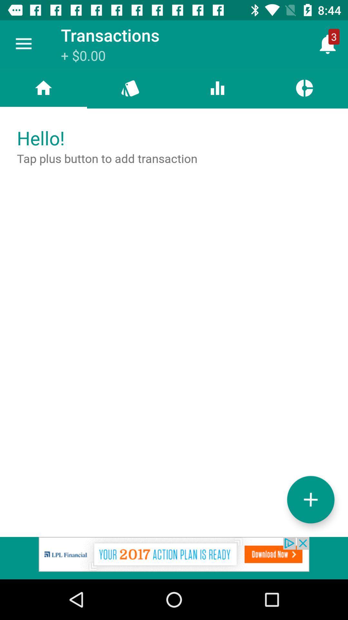 This screenshot has width=348, height=620. I want to click on transaction, so click(310, 499).